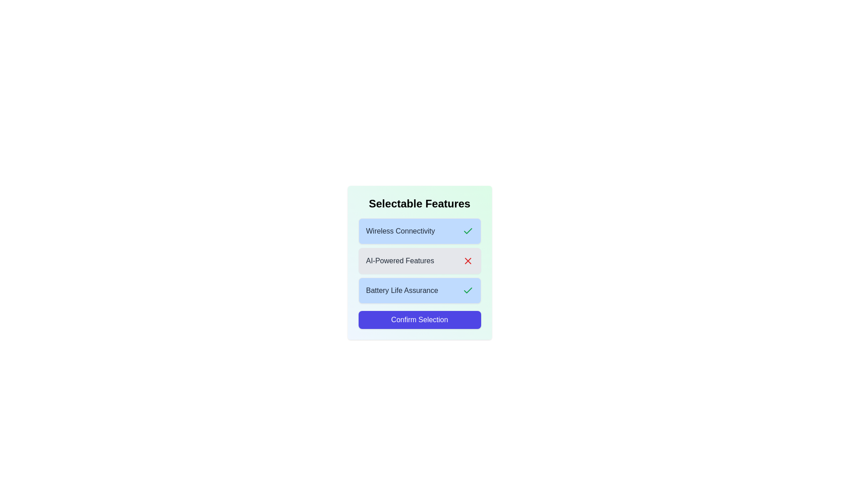 The width and height of the screenshot is (865, 486). Describe the element at coordinates (401, 290) in the screenshot. I see `text label that provides information about the 'Battery Life Assurance' feature, located below 'AI-Powered Features' and within a card that includes a green checkmark icon` at that location.